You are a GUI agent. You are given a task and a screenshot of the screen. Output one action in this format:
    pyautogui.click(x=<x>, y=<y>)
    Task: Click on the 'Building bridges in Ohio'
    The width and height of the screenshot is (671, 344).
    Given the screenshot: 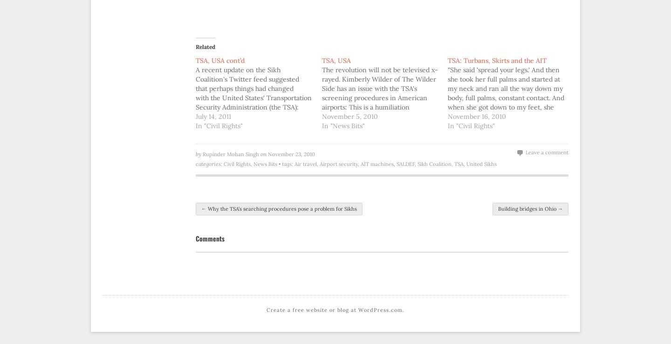 What is the action you would take?
    pyautogui.click(x=527, y=208)
    